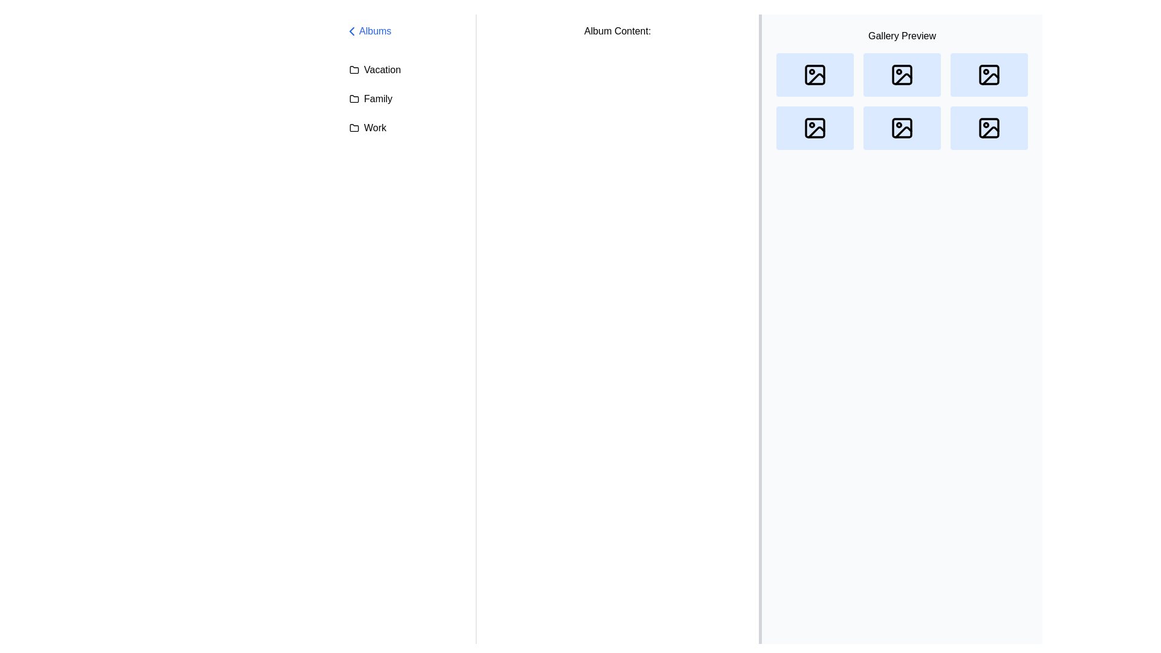 This screenshot has height=653, width=1161. I want to click on the image placeholder icon located in the top row and third column of the Gallery Preview section, so click(989, 74).